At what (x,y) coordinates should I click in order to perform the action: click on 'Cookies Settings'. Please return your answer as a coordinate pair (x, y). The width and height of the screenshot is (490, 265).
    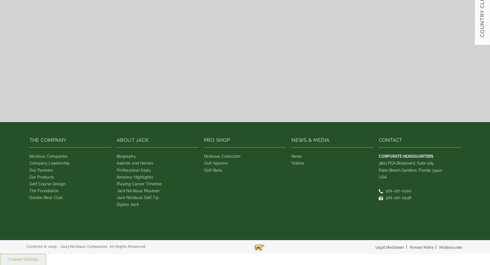
    Looking at the image, I should click on (8, 259).